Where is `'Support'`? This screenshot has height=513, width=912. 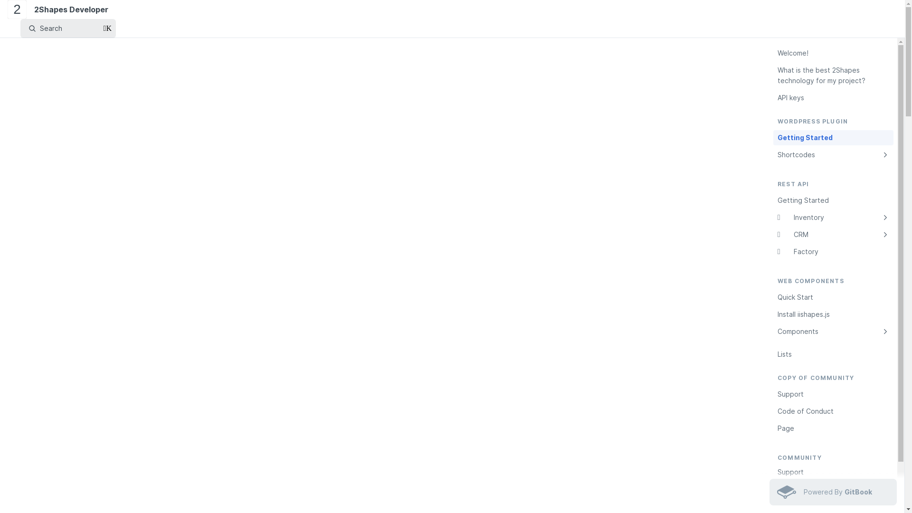
'Support' is located at coordinates (833, 394).